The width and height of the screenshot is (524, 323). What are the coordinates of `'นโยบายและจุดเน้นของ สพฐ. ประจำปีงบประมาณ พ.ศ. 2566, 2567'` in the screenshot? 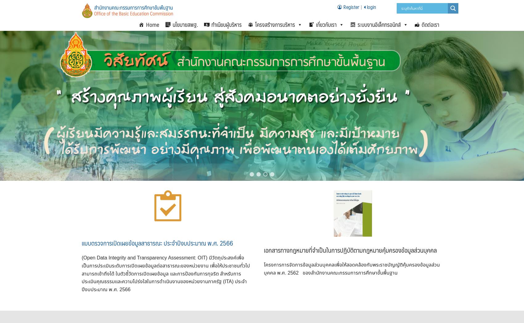 It's located at (358, 39).